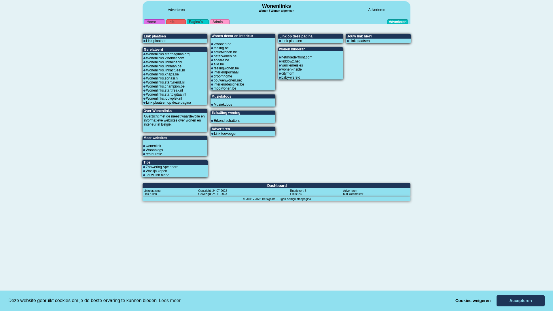  Describe the element at coordinates (154, 149) in the screenshot. I see `'Woonblogs'` at that location.